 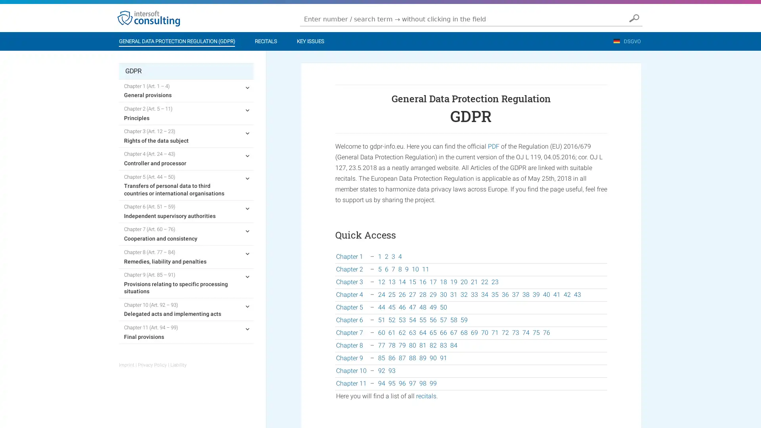 What do you see at coordinates (247, 155) in the screenshot?
I see `expand child menu` at bounding box center [247, 155].